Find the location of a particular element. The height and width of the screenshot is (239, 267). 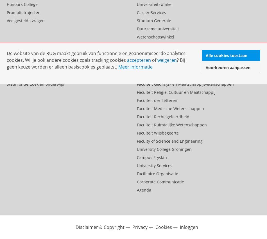

'Promotietrajecten' is located at coordinates (23, 12).